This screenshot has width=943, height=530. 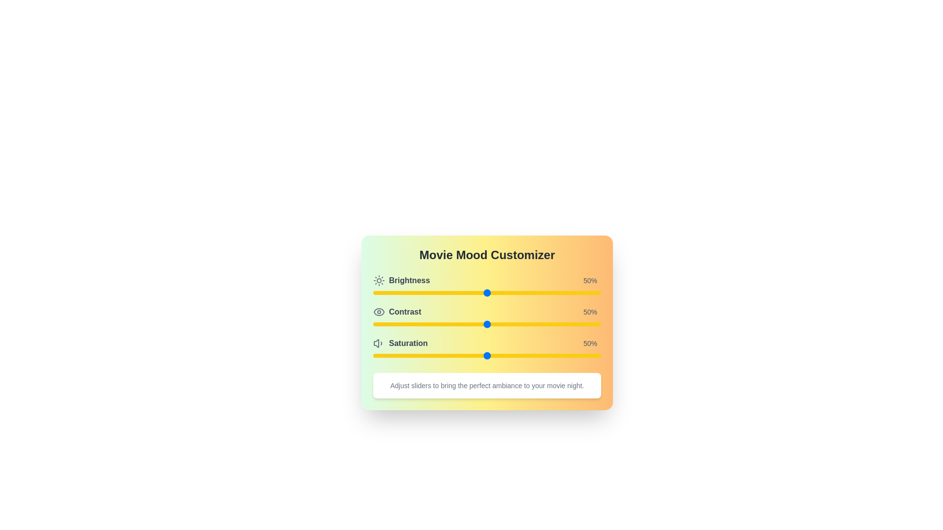 What do you see at coordinates (375, 324) in the screenshot?
I see `the contrast level` at bounding box center [375, 324].